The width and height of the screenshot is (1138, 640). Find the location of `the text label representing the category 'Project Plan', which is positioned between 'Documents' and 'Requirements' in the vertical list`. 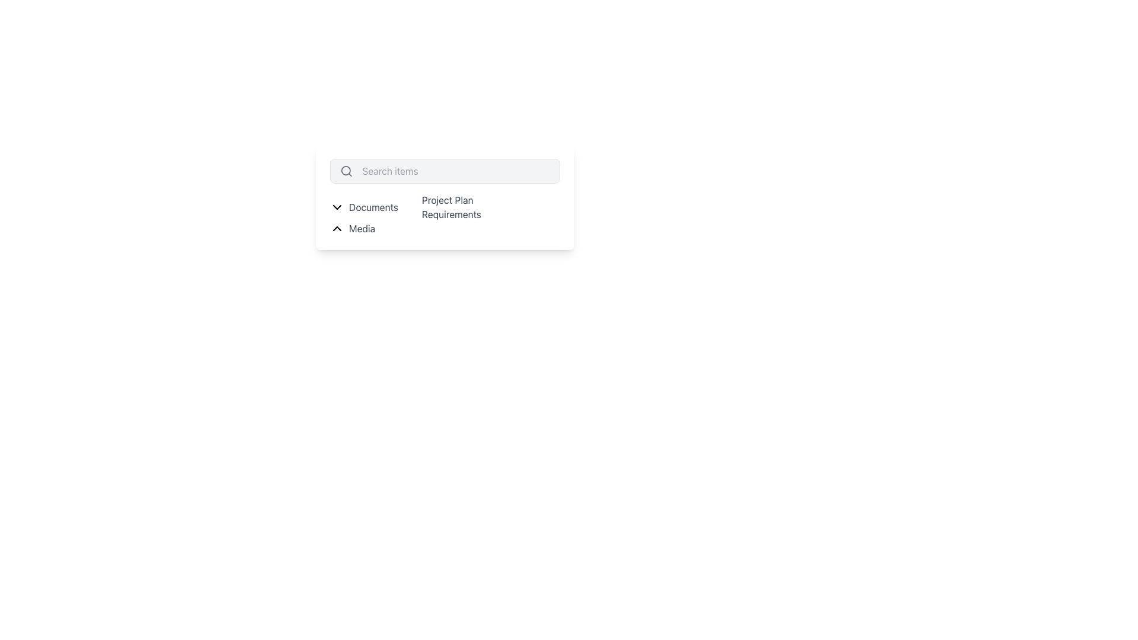

the text label representing the category 'Project Plan', which is positioned between 'Documents' and 'Requirements' in the vertical list is located at coordinates (447, 200).